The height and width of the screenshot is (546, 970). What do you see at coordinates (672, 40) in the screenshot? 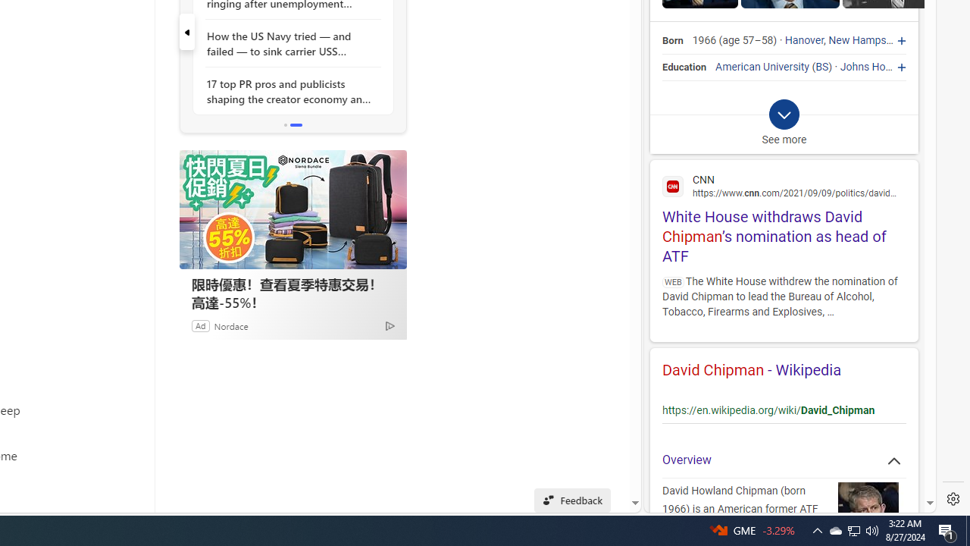
I see `'Born'` at bounding box center [672, 40].